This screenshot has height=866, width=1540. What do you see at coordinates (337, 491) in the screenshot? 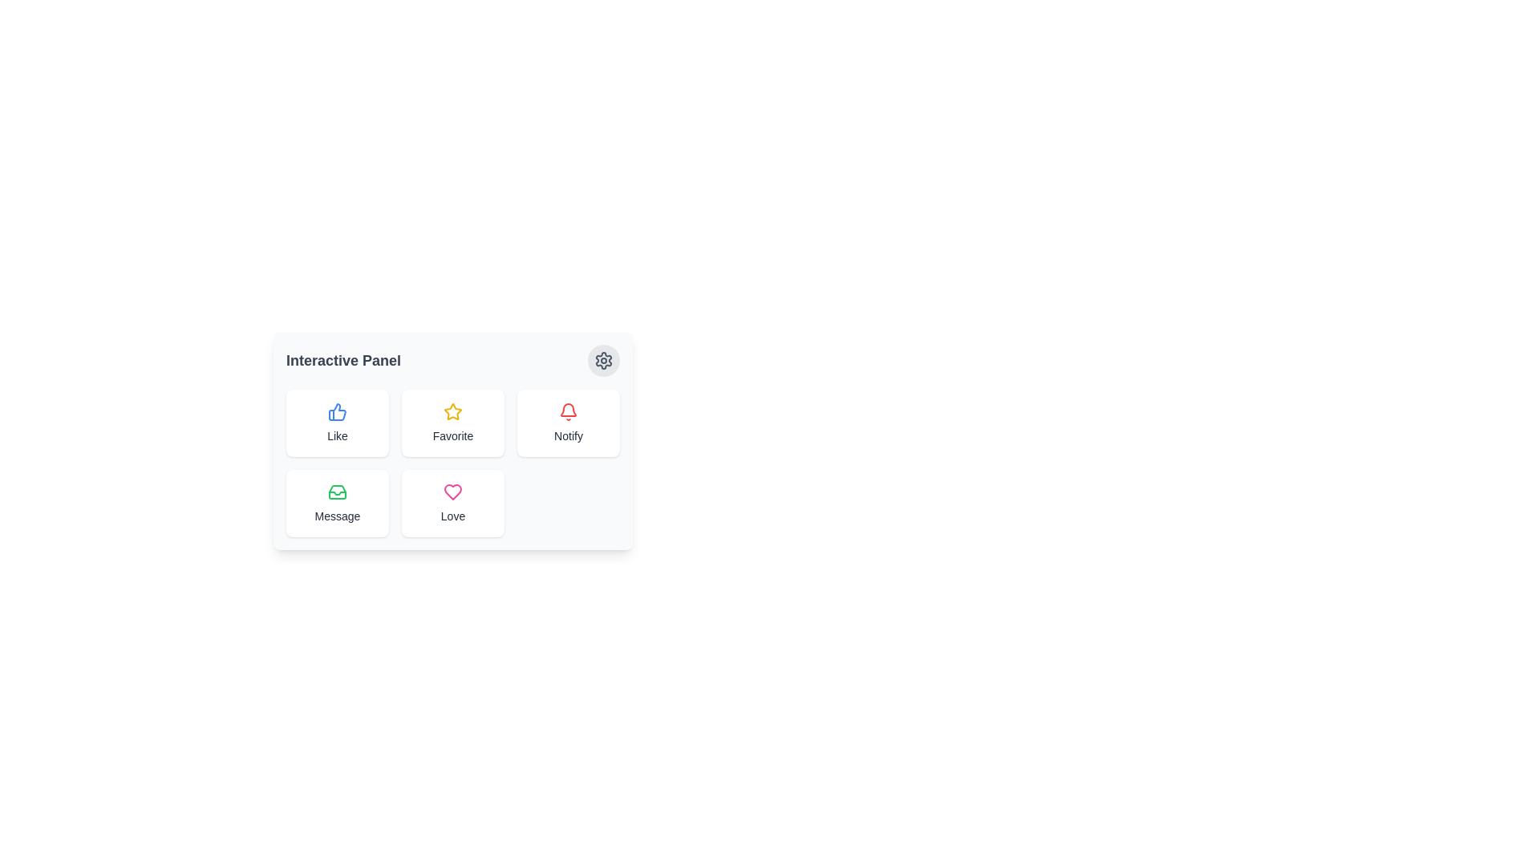
I see `the communication icon located on the left of the second row in the 2x3 grid of the Interactive Panel` at bounding box center [337, 491].